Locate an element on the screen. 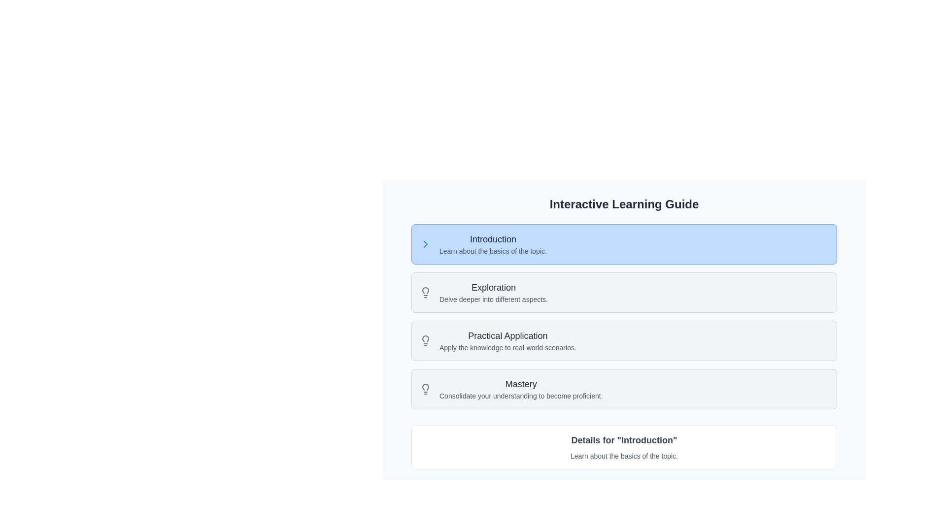  the 'Exploration' text label, which serves as a title in the second section of a vertical list menu is located at coordinates (494, 287).